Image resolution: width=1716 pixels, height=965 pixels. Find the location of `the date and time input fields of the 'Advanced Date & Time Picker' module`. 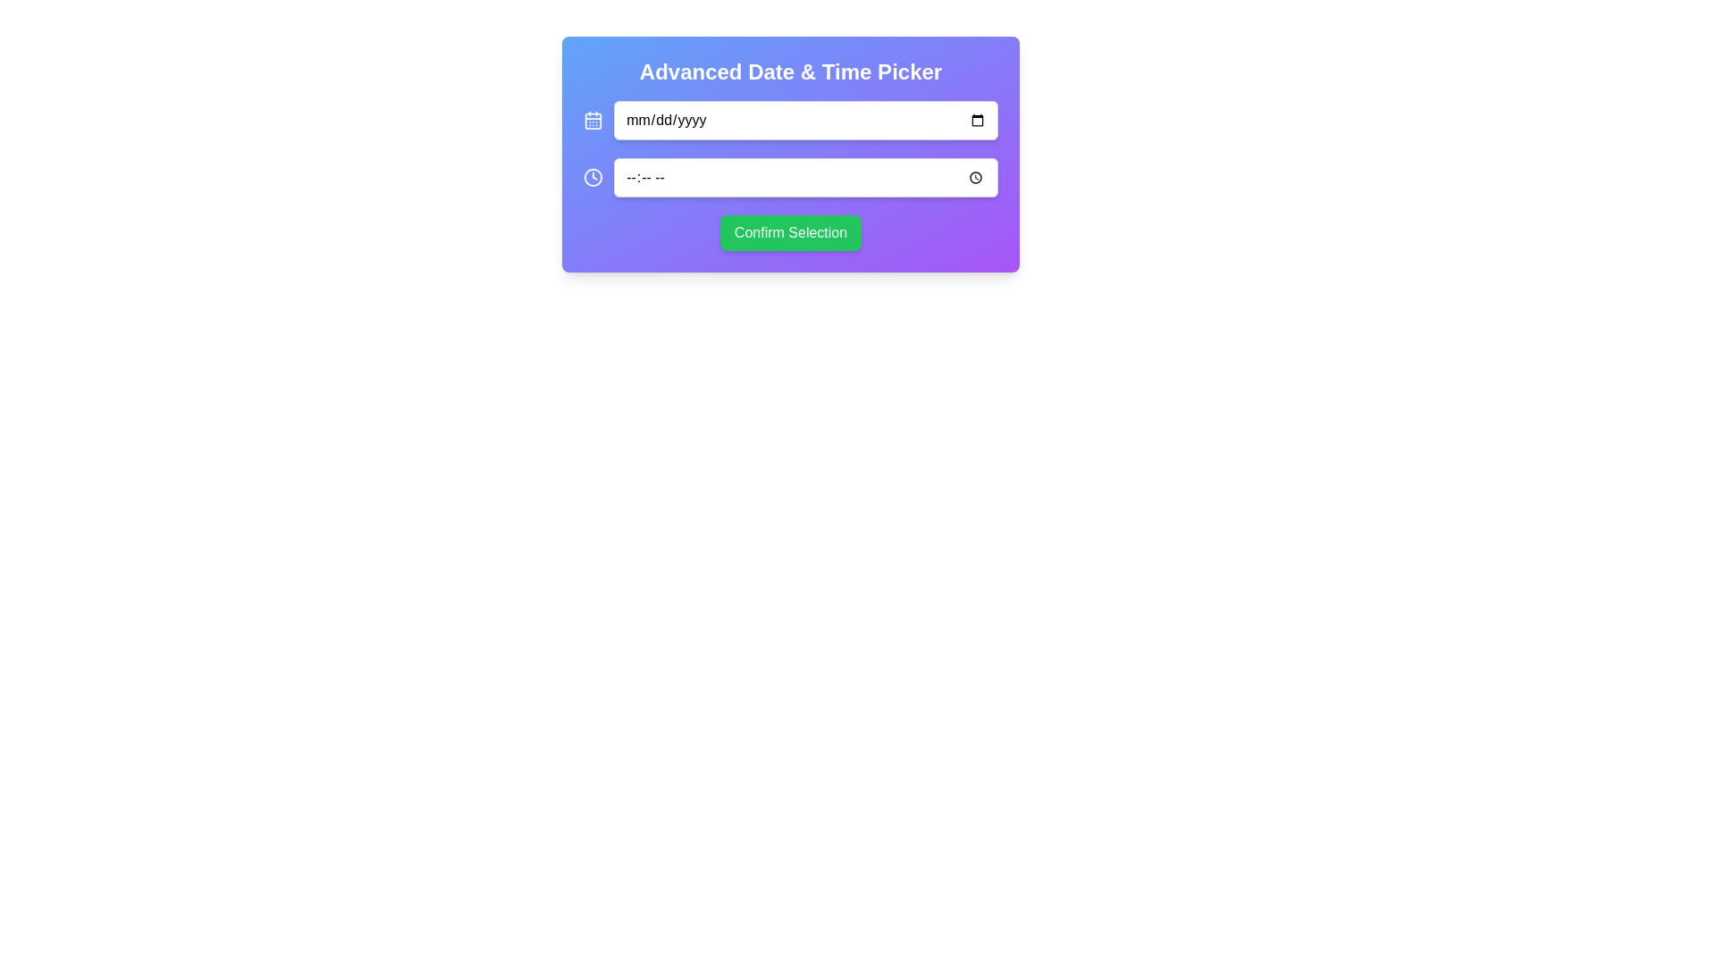

the date and time input fields of the 'Advanced Date & Time Picker' module is located at coordinates (789, 154).